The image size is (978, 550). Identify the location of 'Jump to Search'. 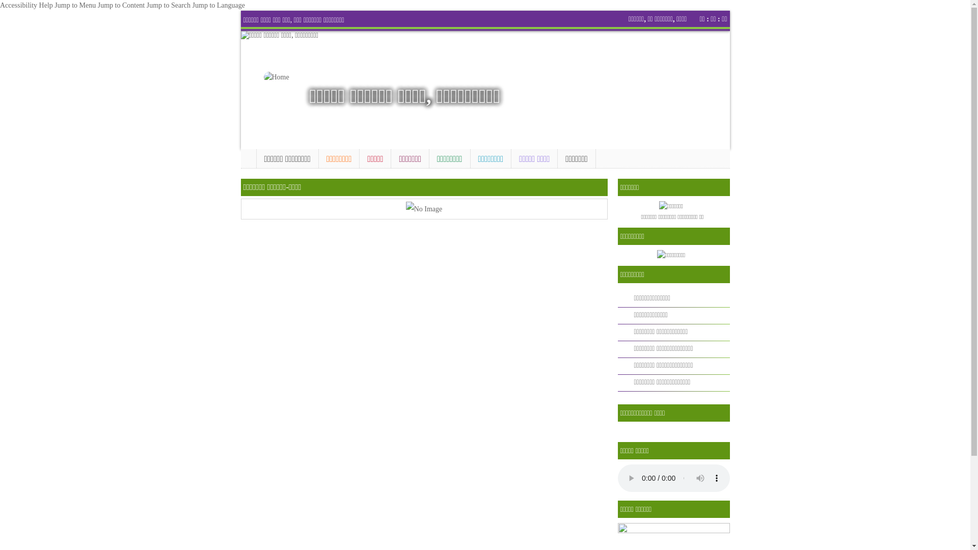
(146, 5).